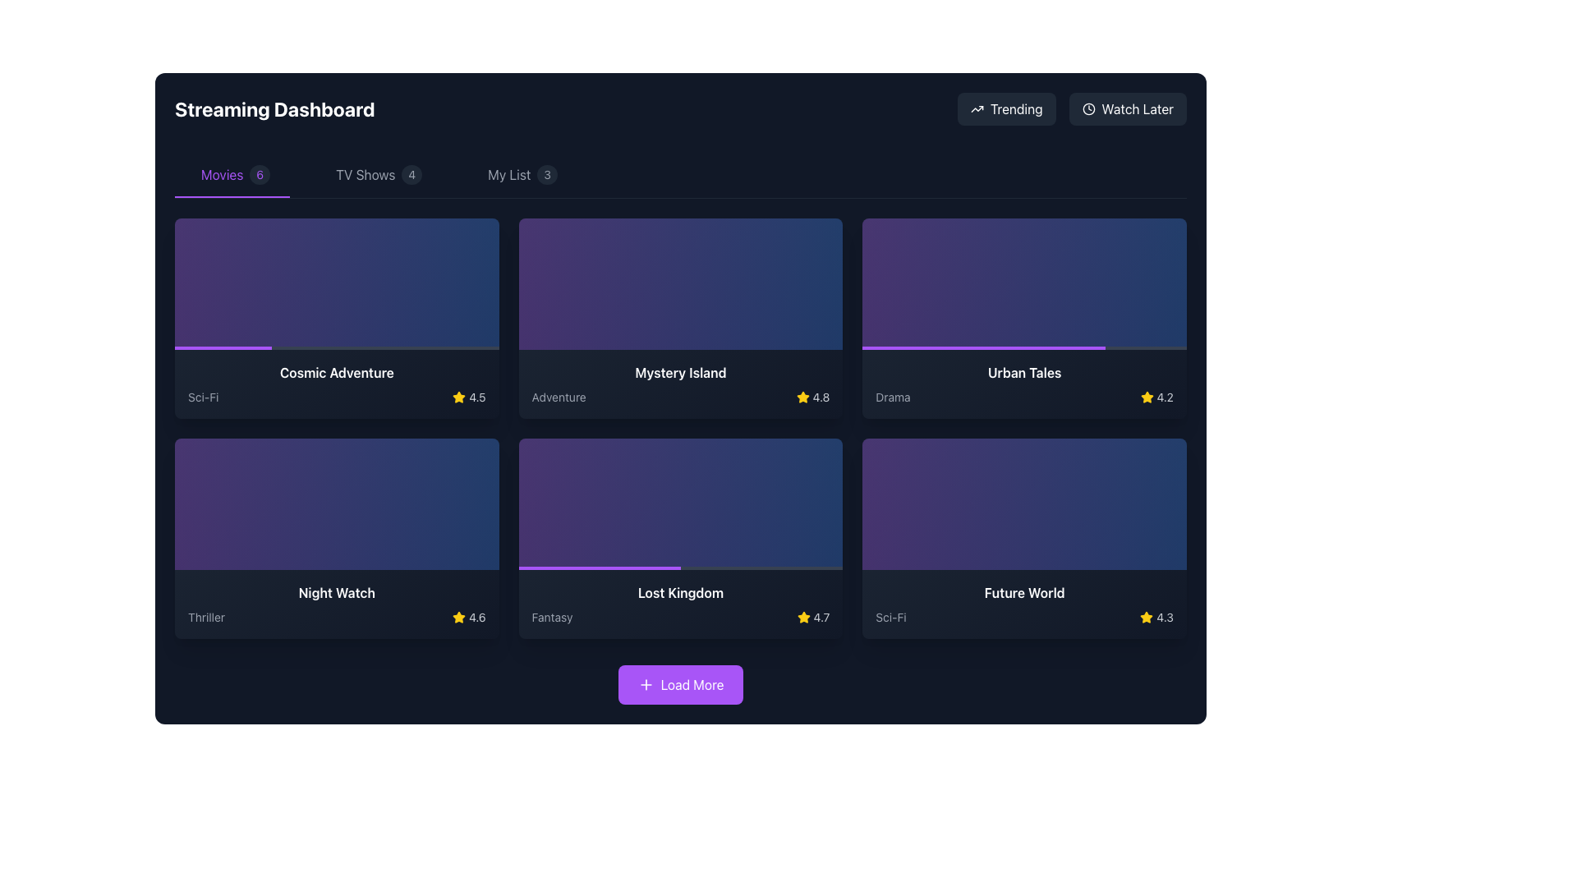 The width and height of the screenshot is (1577, 887). What do you see at coordinates (336, 319) in the screenshot?
I see `the movie card representing 'Cosmic Adventure', which is located in the first row and first column of the grid layout` at bounding box center [336, 319].